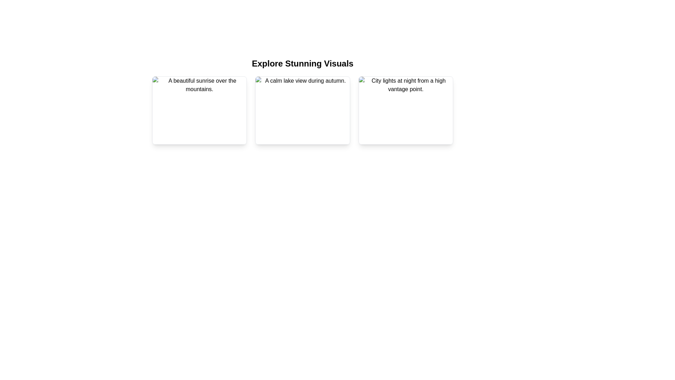 The width and height of the screenshot is (675, 380). I want to click on the image card displaying 'A calm lake view during autumn.' located in the center of the grid layout, so click(302, 110).